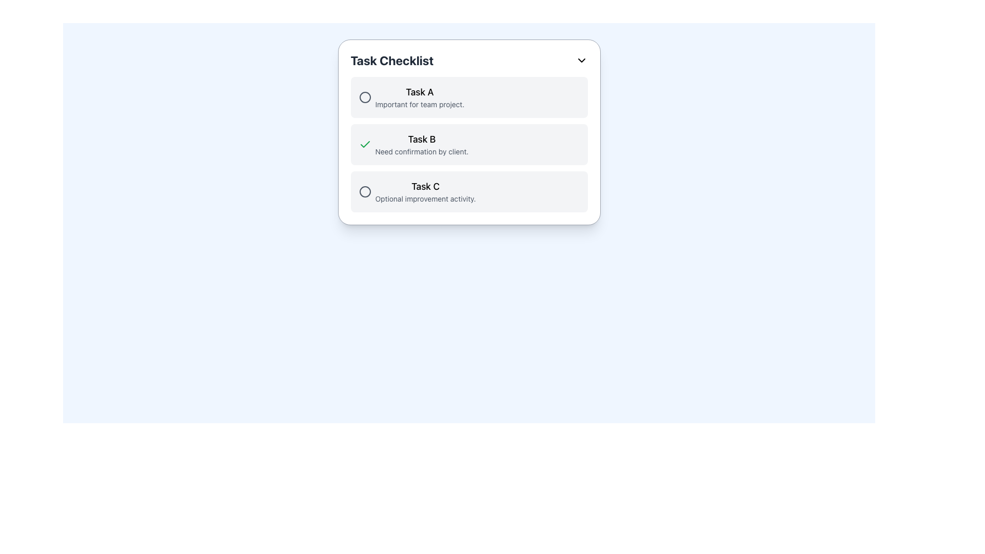  Describe the element at coordinates (422, 140) in the screenshot. I see `the Text label that displays the title 'Task B' in the checklist interface, which is located in the center column, below 'Task A' and above 'Task C'` at that location.